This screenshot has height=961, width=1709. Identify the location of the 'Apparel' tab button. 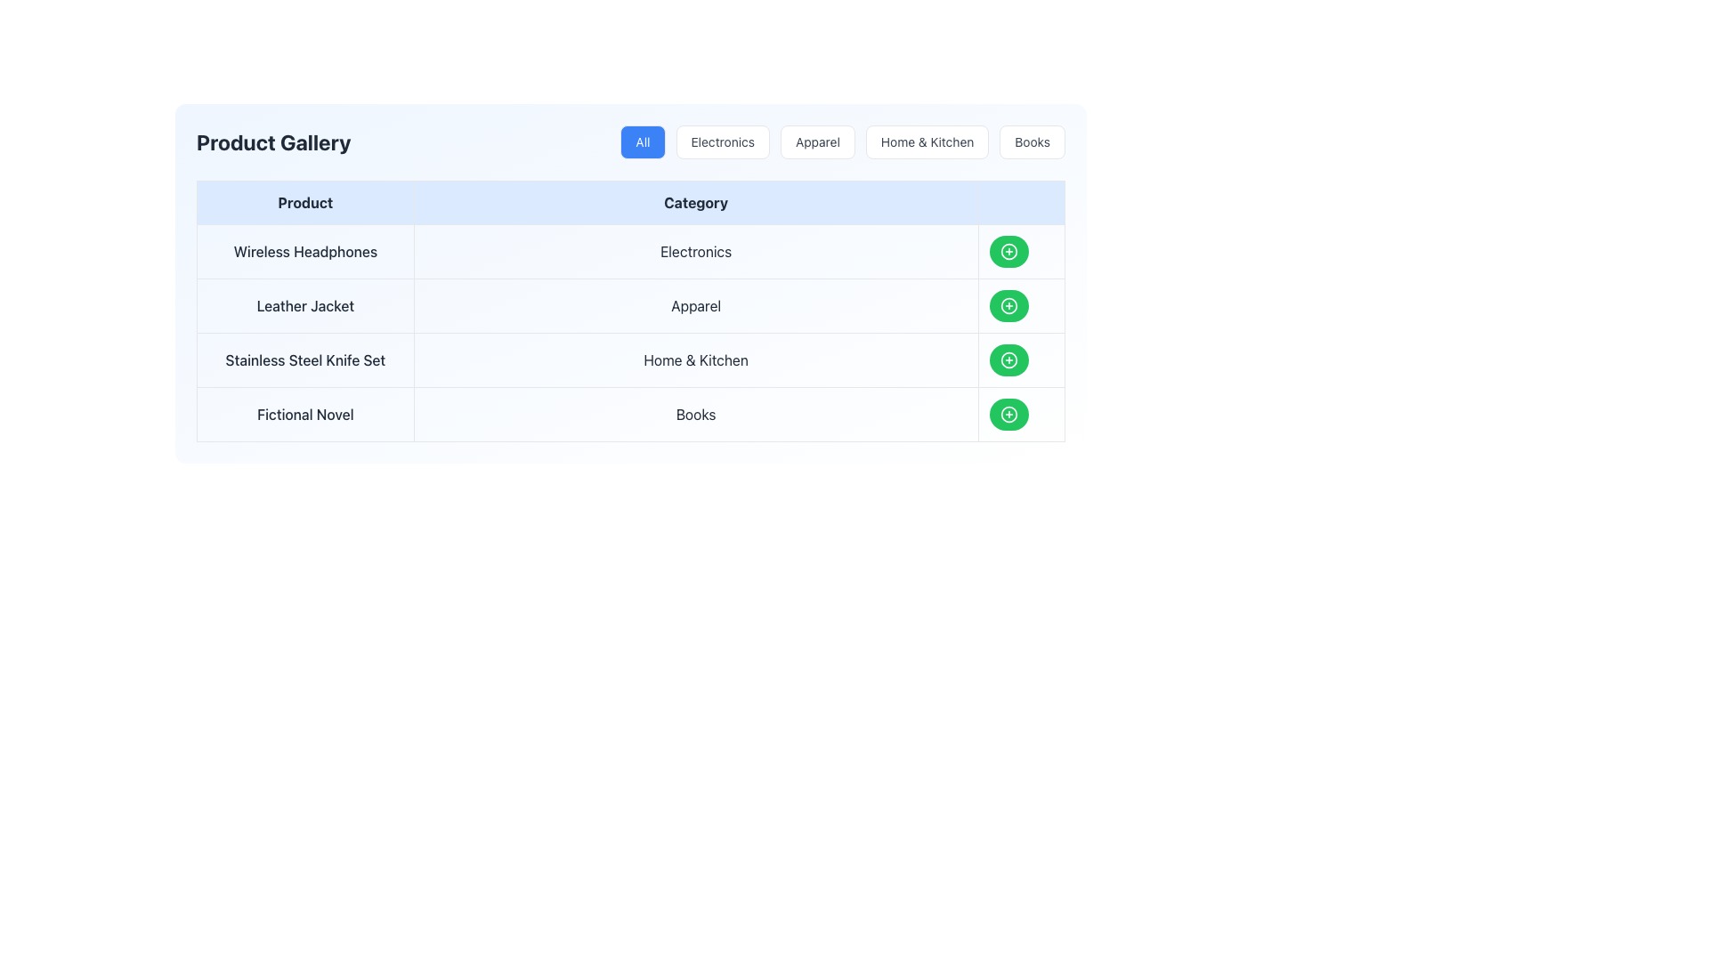
(842, 141).